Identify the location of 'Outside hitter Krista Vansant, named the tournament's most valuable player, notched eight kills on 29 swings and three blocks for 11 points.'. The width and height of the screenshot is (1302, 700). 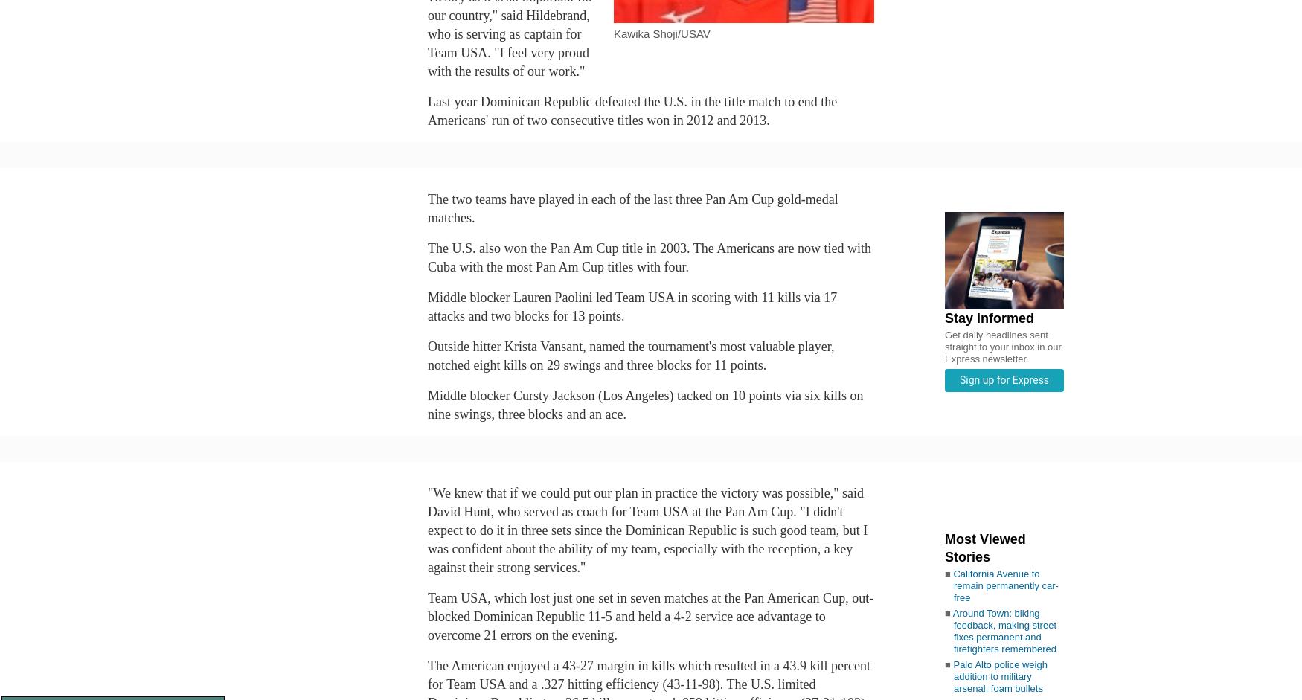
(428, 355).